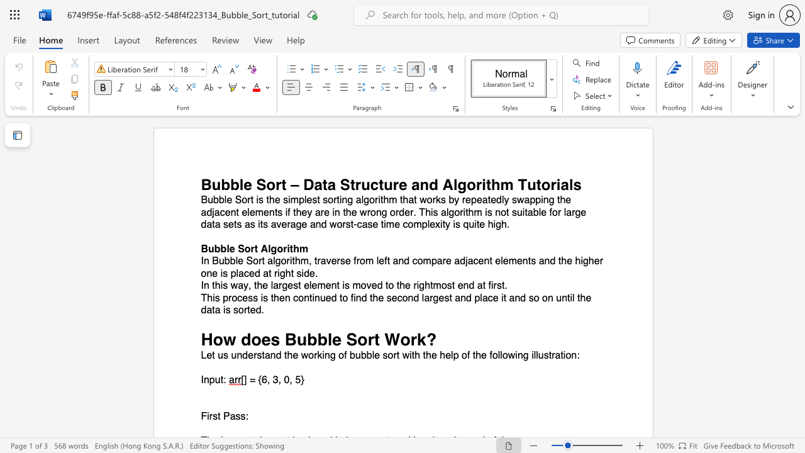  What do you see at coordinates (332, 338) in the screenshot?
I see `the subset text "e Sort W" within the text "How does Bubble Sort Work?"` at bounding box center [332, 338].